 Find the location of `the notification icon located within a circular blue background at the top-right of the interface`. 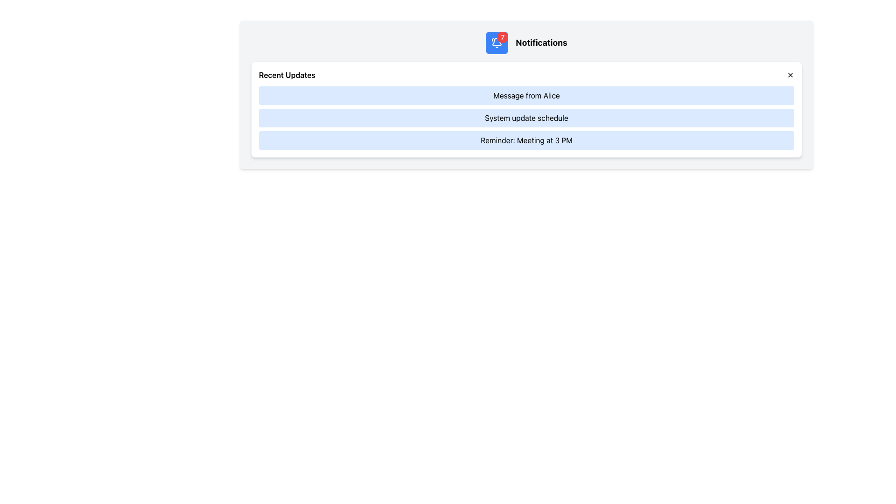

the notification icon located within a circular blue background at the top-right of the interface is located at coordinates (497, 43).